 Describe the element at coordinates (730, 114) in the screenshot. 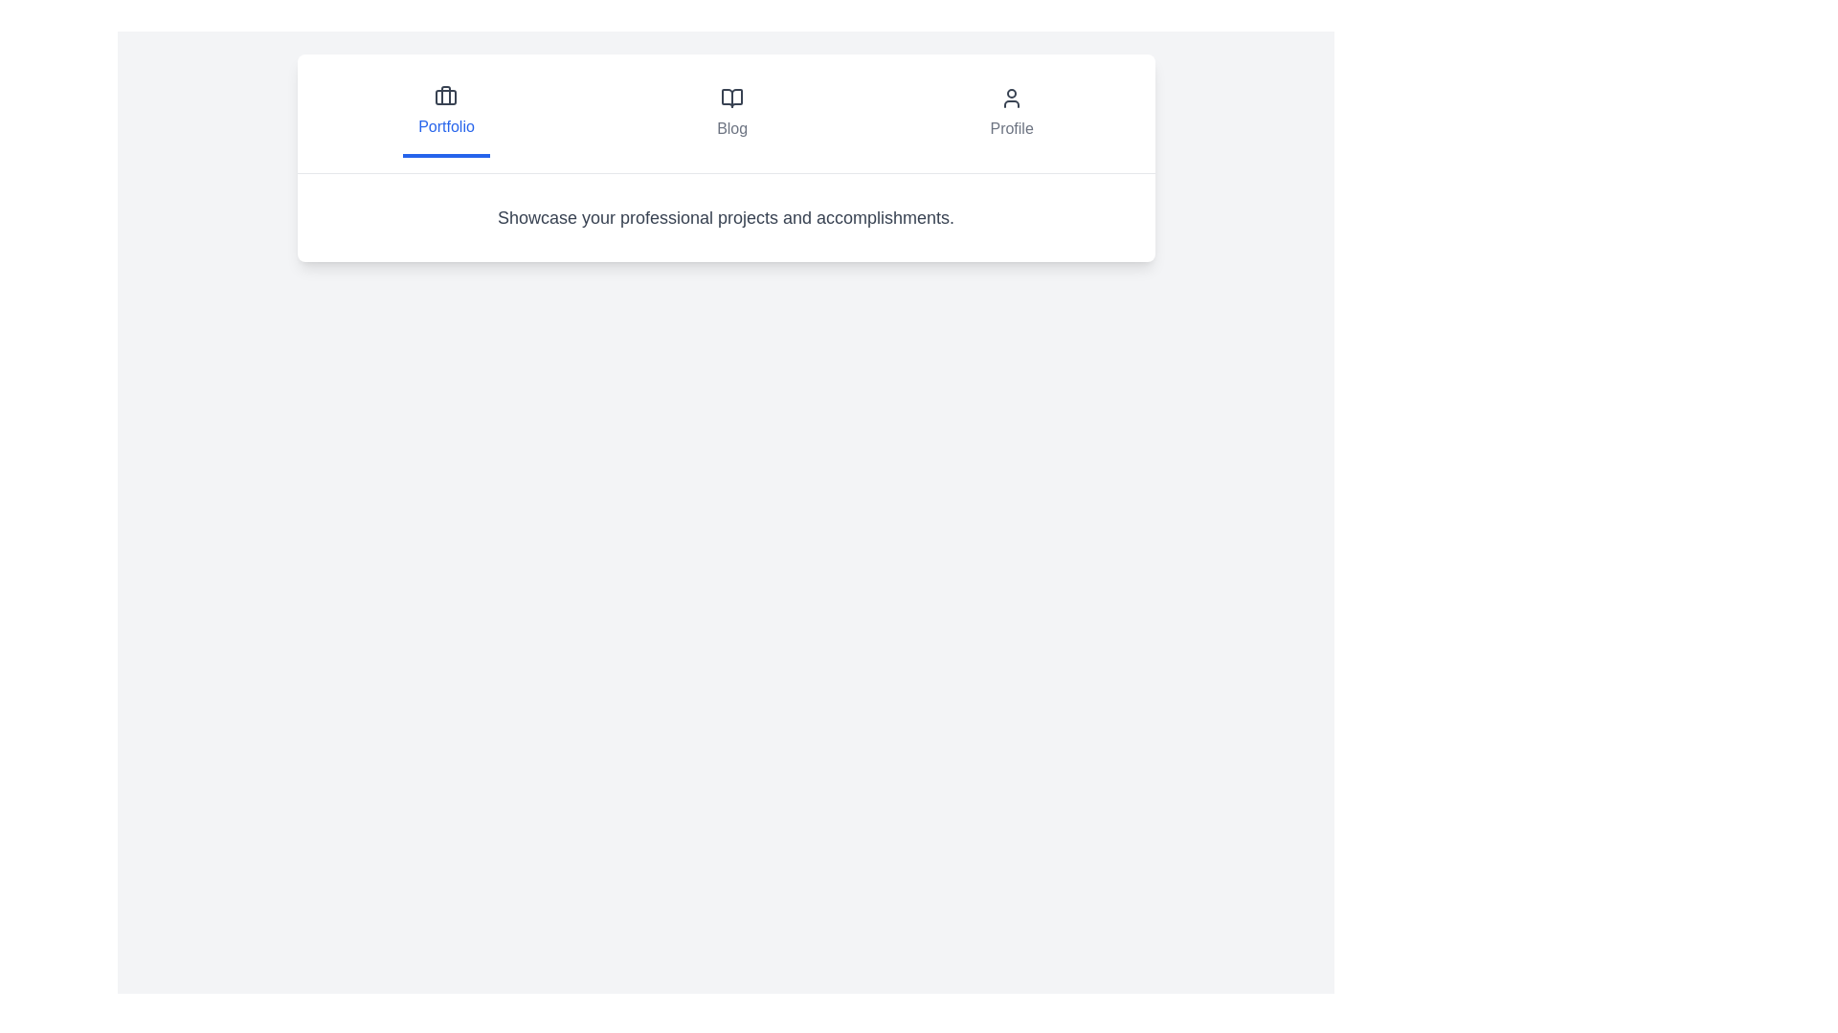

I see `the tab labeled Blog to display its description` at that location.